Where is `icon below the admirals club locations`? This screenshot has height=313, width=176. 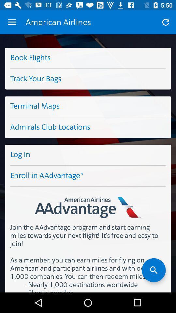
icon below the admirals club locations is located at coordinates (88, 155).